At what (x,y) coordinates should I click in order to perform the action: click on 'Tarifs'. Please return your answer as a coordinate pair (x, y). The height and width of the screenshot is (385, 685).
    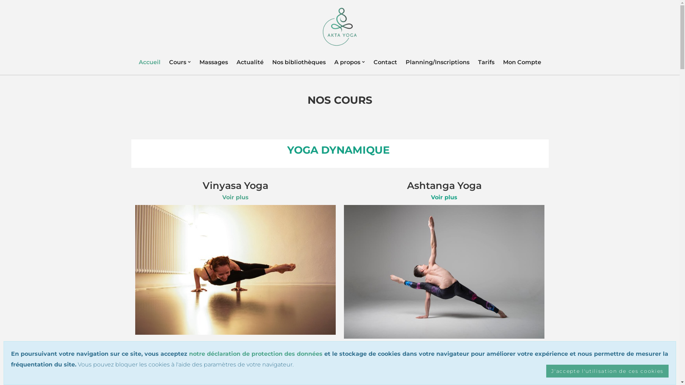
    Looking at the image, I should click on (486, 62).